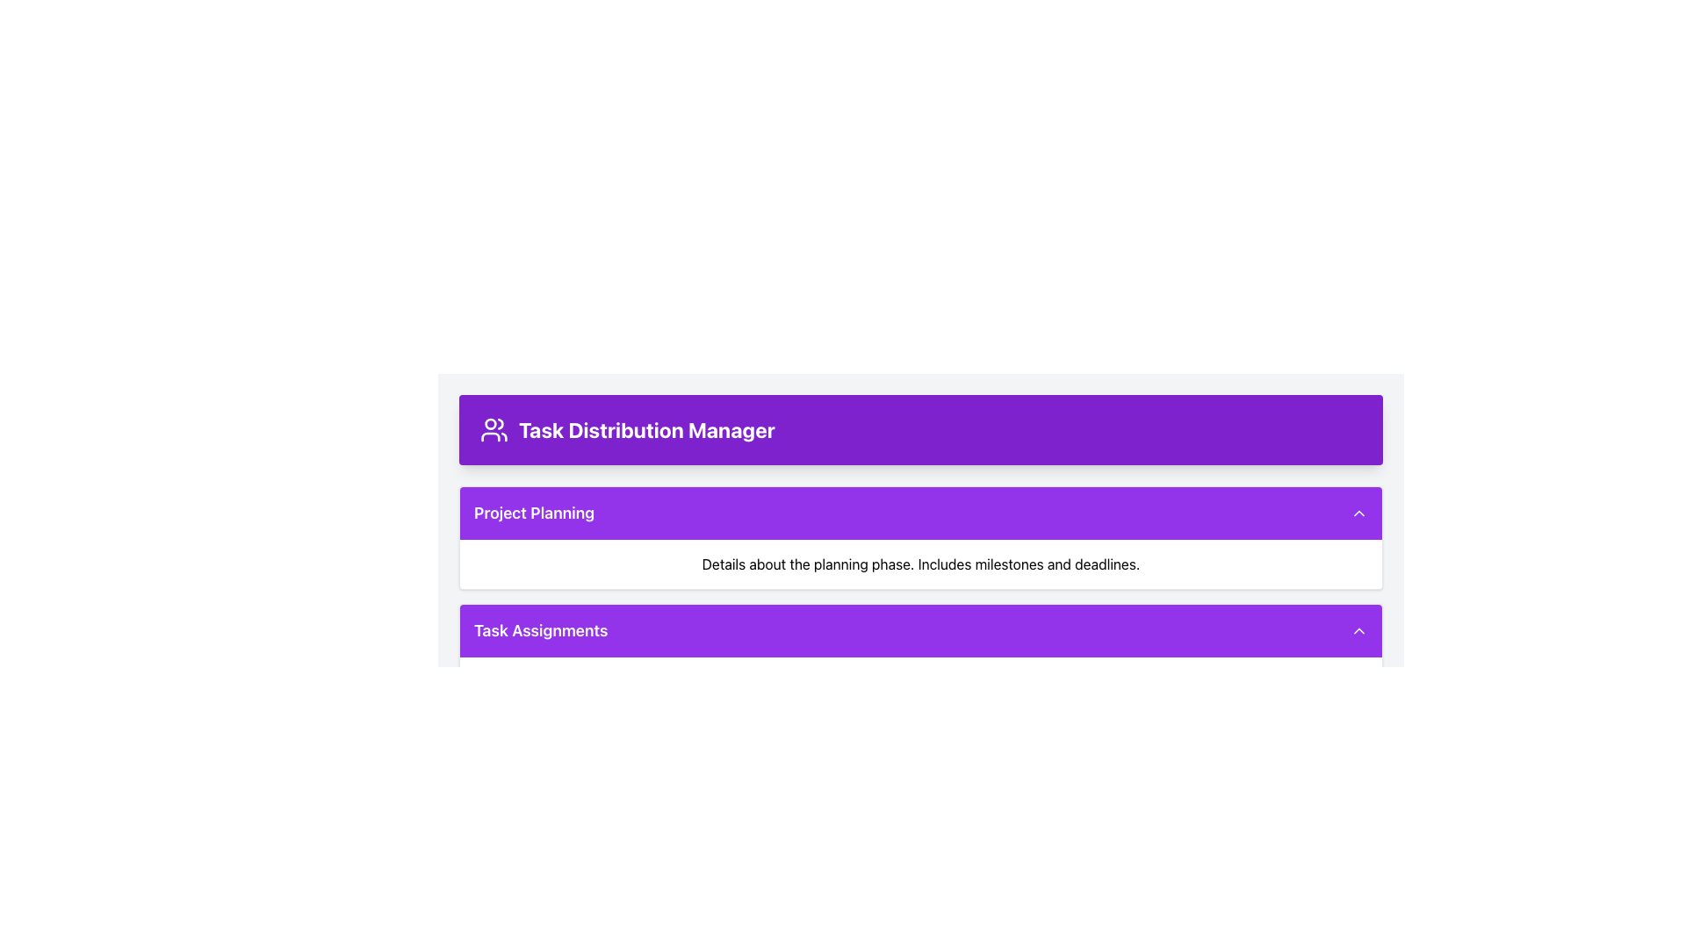  I want to click on information displayed on the Text Label located below the 'Project Planning' header, centrally aligned within the white section beneath the purple header panel in the 'Task Distribution Manager' interface, so click(920, 564).